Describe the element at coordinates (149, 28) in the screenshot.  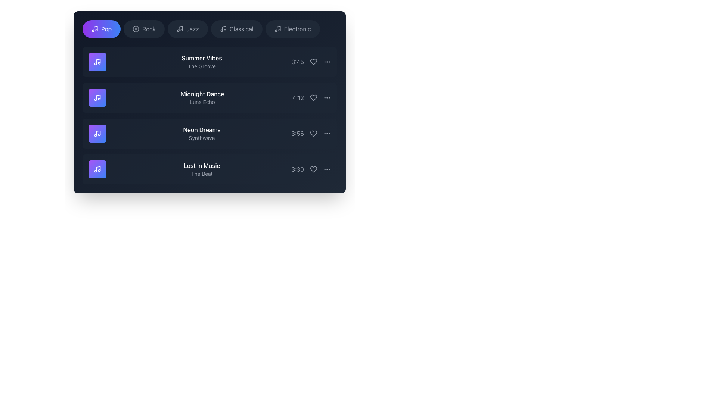
I see `the 'Rock' category button in the horizontal menu bar` at that location.